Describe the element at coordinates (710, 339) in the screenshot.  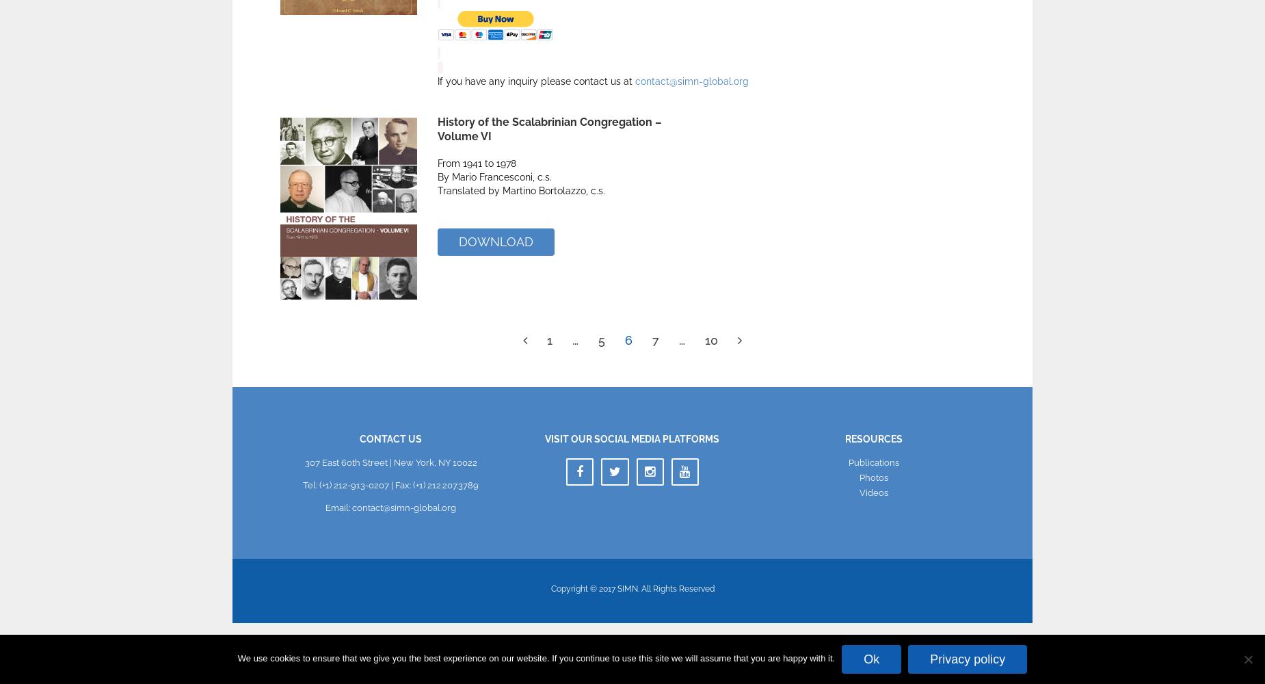
I see `'10'` at that location.